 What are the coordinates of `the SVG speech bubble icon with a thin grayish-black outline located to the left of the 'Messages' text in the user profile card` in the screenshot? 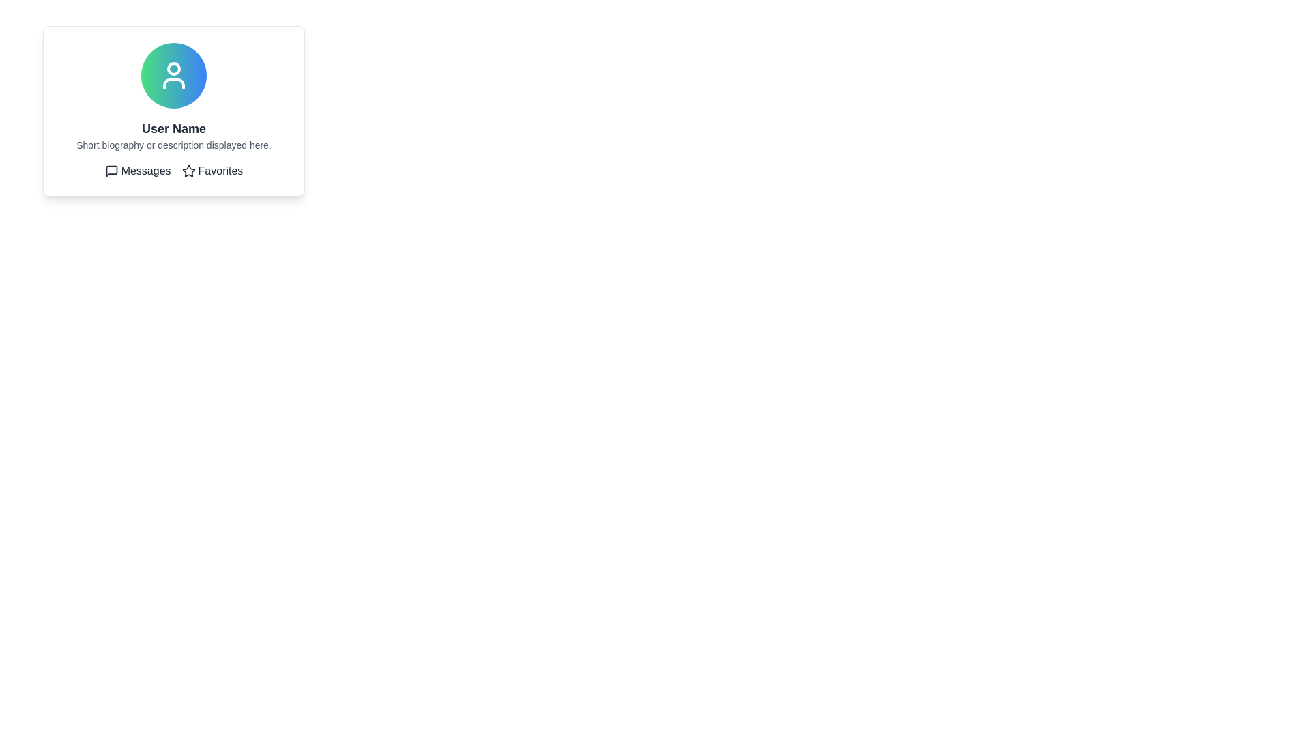 It's located at (111, 170).